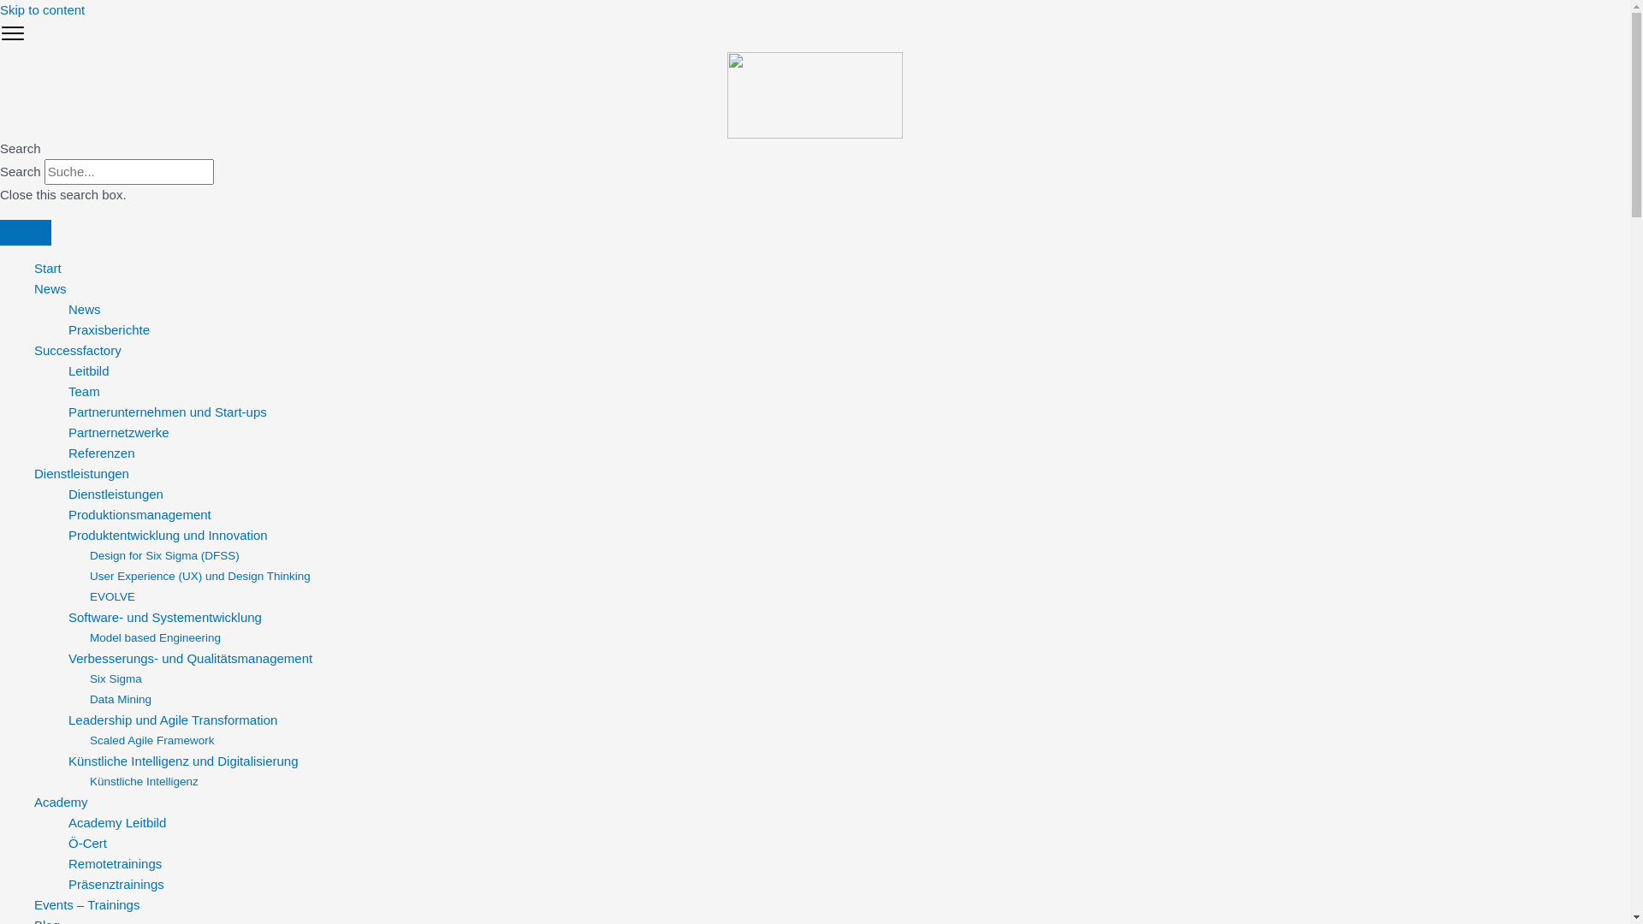 Image resolution: width=1643 pixels, height=924 pixels. Describe the element at coordinates (68, 513) in the screenshot. I see `'Produktionsmanagement'` at that location.